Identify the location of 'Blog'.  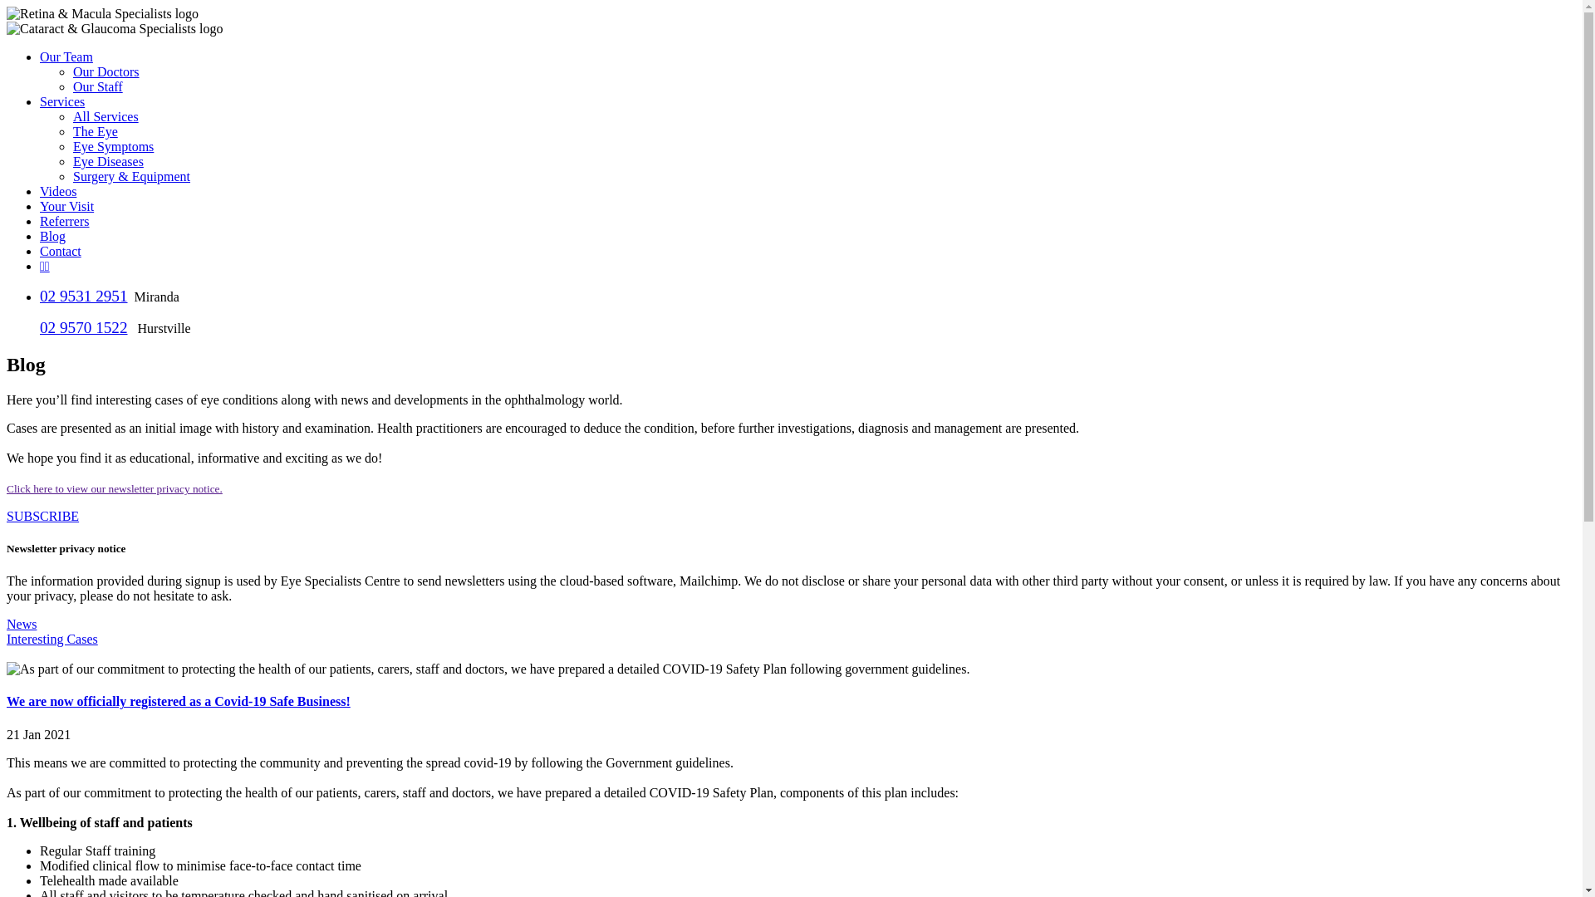
(52, 236).